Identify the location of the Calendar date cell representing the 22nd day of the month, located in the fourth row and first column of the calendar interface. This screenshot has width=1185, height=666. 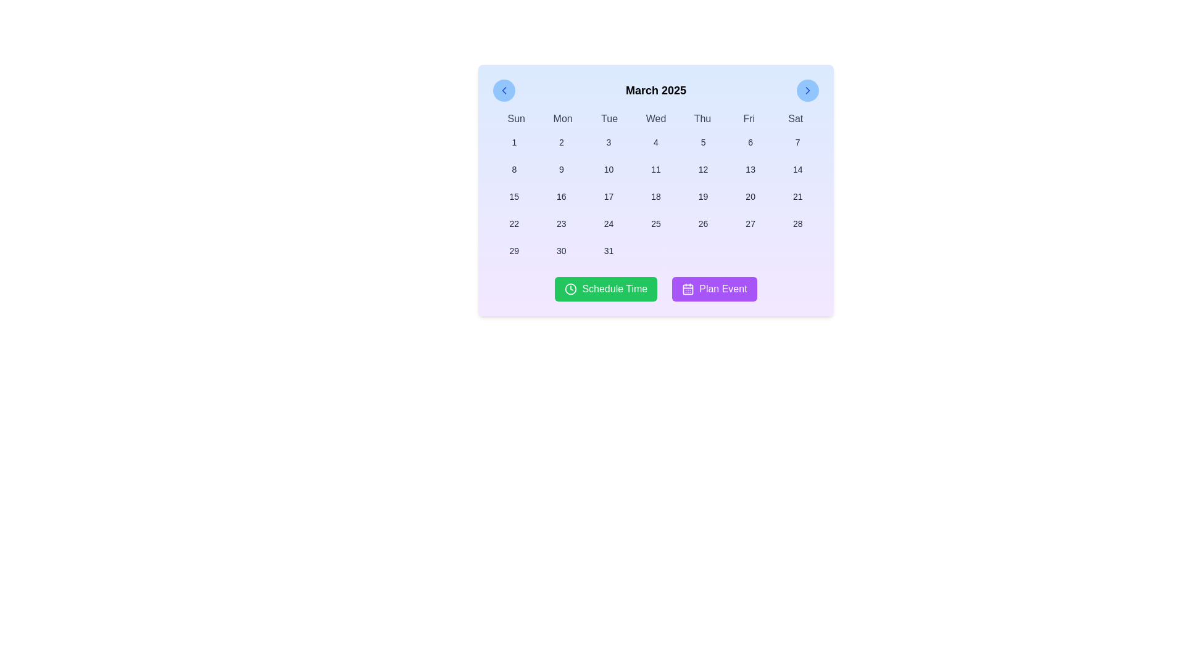
(514, 223).